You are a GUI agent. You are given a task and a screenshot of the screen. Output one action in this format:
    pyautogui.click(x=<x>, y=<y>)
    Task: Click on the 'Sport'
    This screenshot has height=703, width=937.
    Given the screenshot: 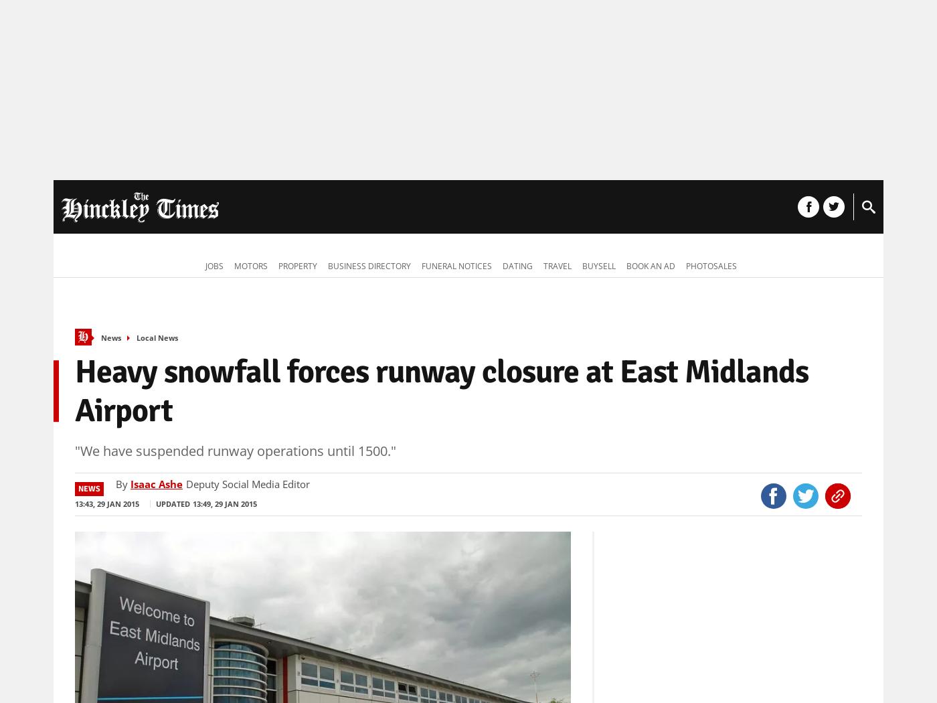 What is the action you would take?
    pyautogui.click(x=395, y=208)
    